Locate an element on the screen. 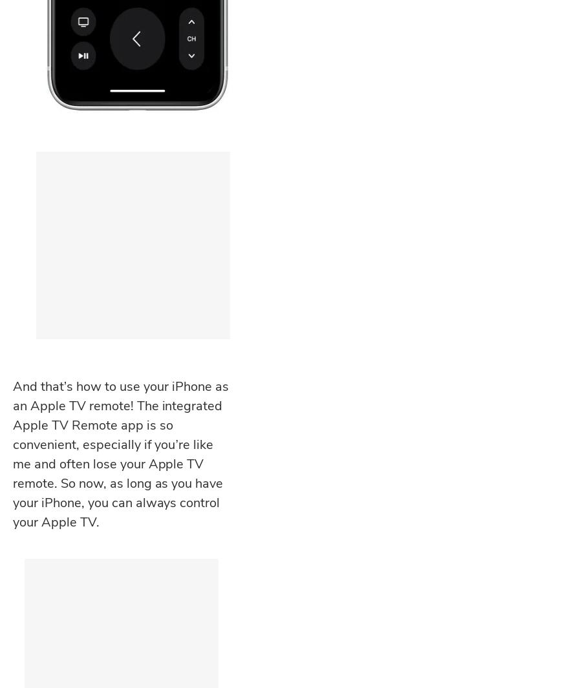 The image size is (585, 688). 'to get our FREE Tip of the Day delivered right to your inbox.' is located at coordinates (119, 459).